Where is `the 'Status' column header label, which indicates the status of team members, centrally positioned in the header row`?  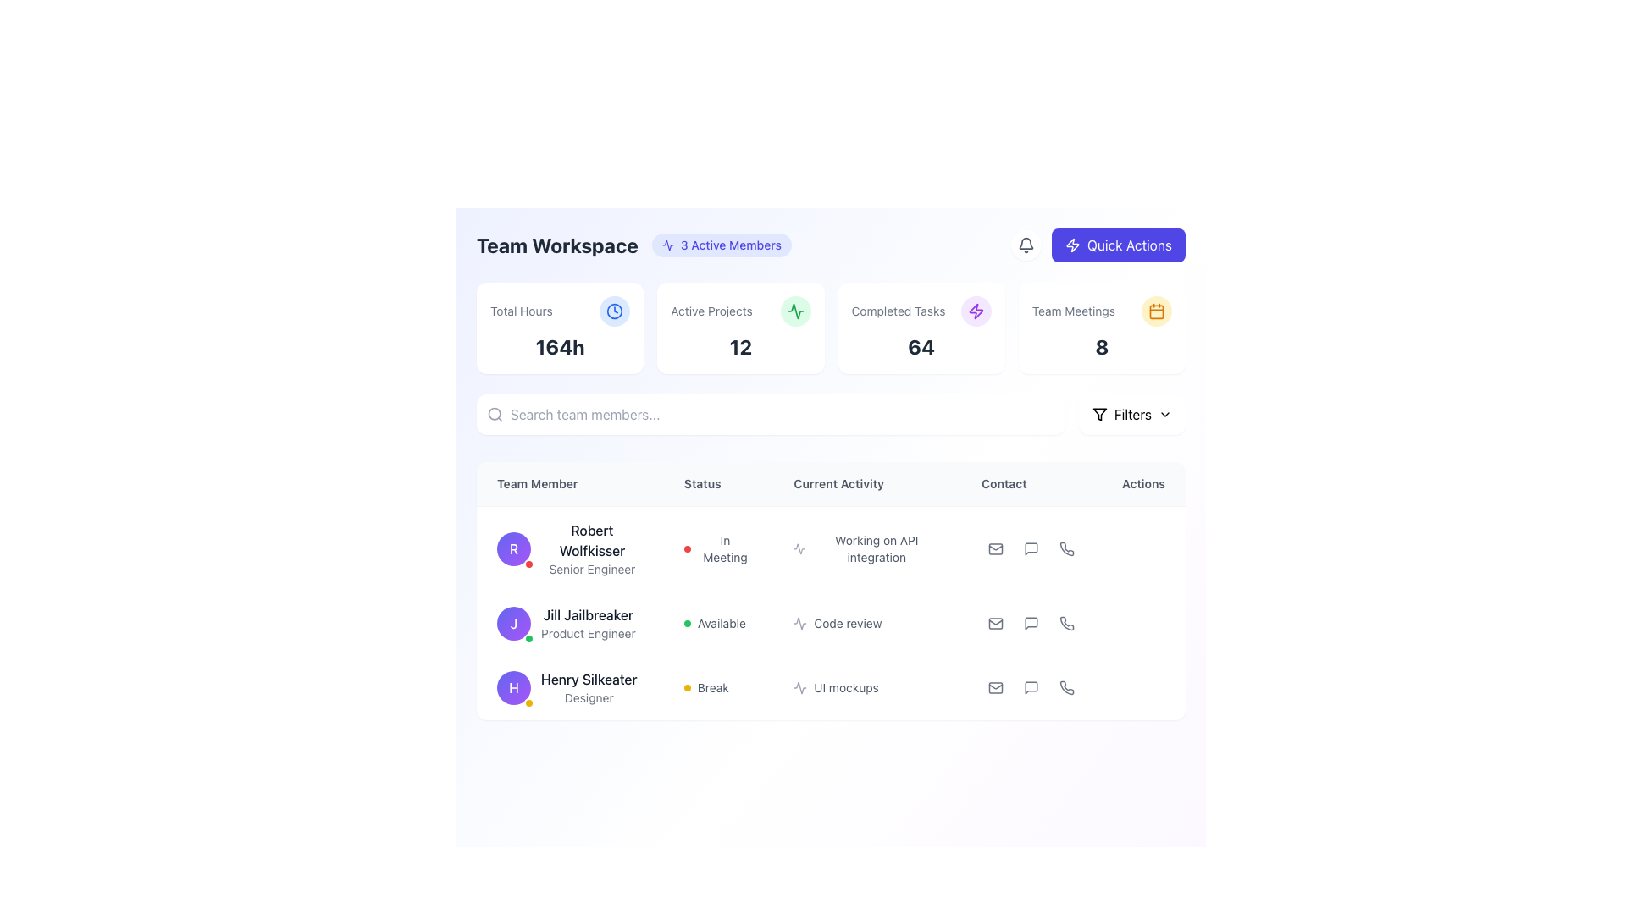 the 'Status' column header label, which indicates the status of team members, centrally positioned in the header row is located at coordinates (718, 484).